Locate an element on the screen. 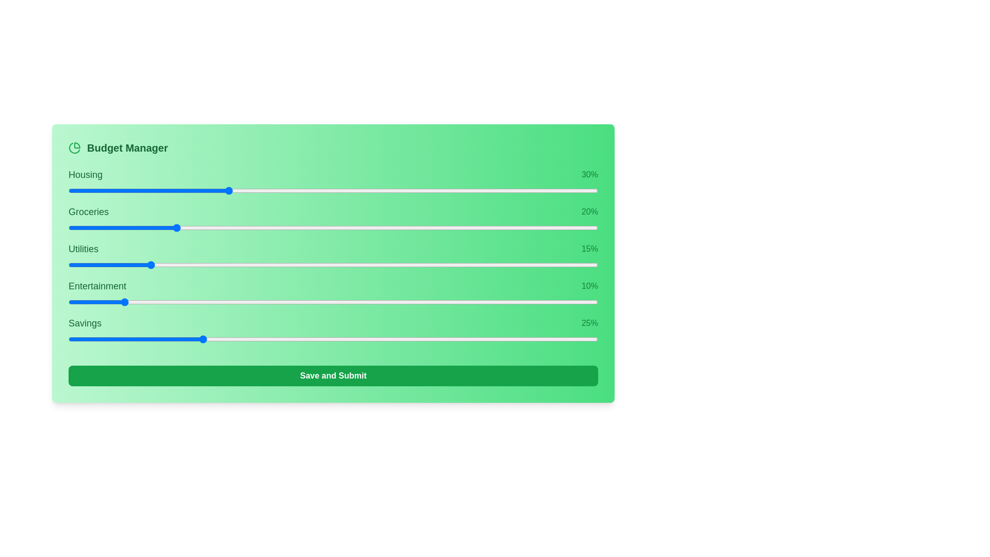 This screenshot has height=557, width=990. the slider for 1 to 68% allocation is located at coordinates (513, 227).